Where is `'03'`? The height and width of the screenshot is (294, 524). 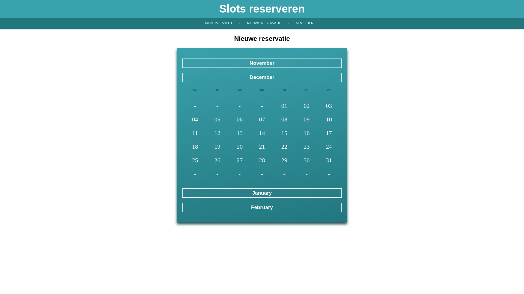 '03' is located at coordinates (328, 106).